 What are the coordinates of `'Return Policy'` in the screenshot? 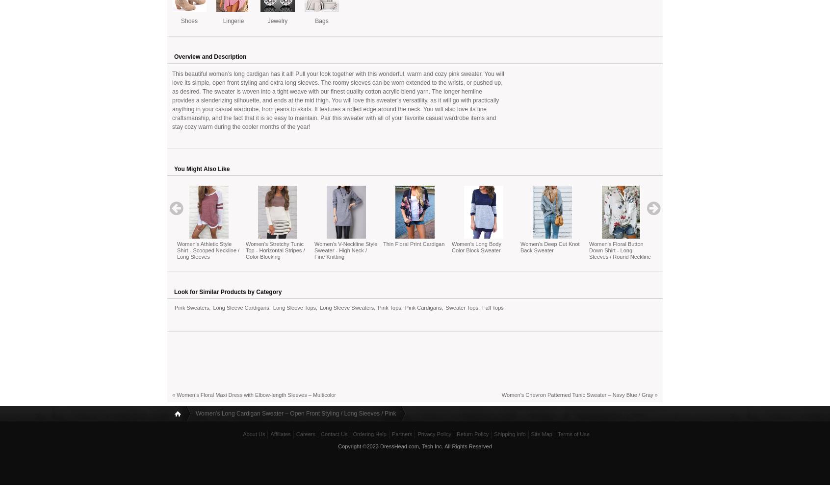 It's located at (456, 434).